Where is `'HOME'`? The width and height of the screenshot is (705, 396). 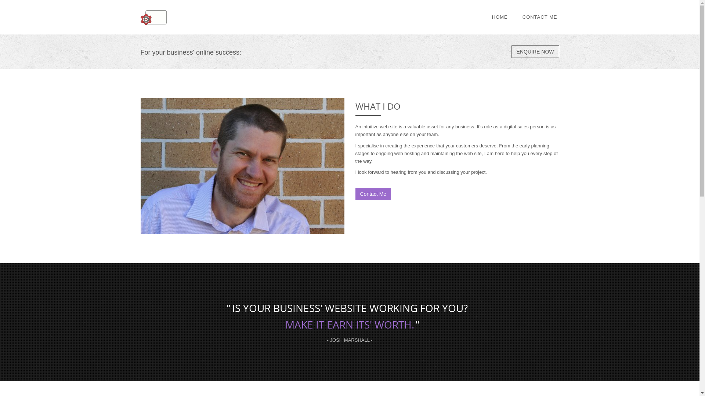
'HOME' is located at coordinates (485, 16).